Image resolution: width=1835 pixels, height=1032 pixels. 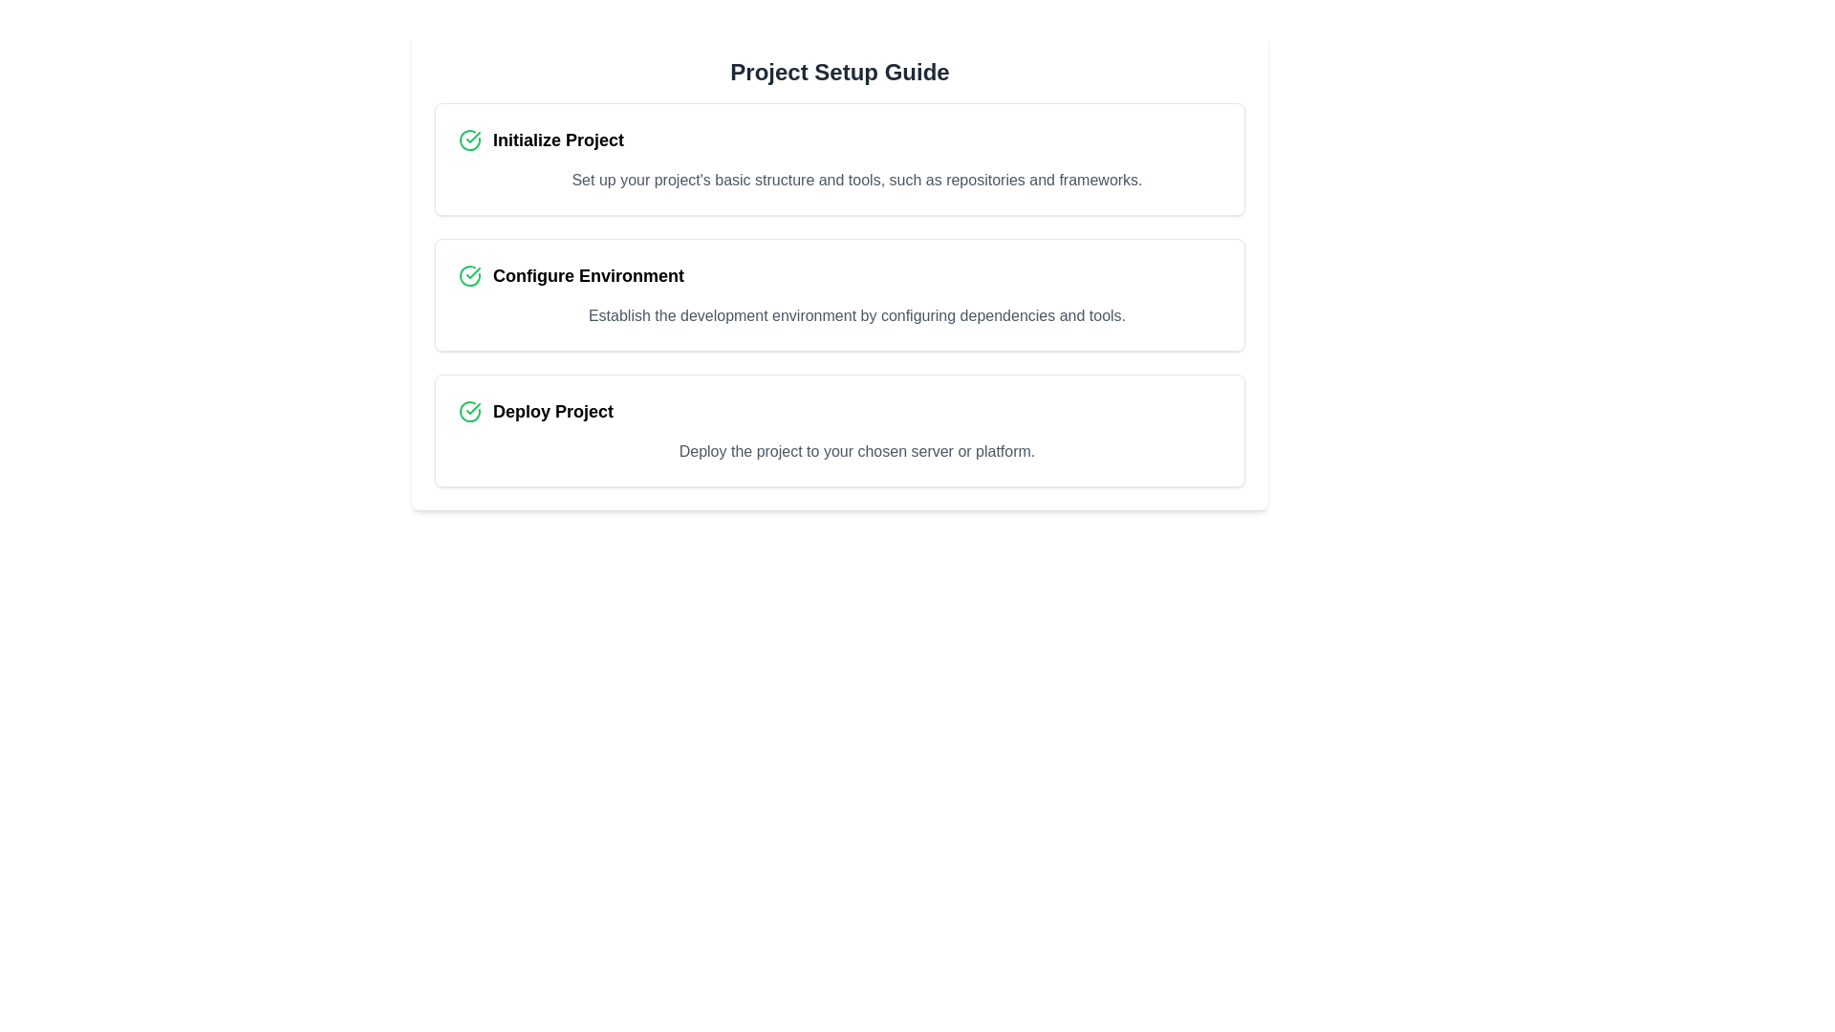 What do you see at coordinates (856, 315) in the screenshot?
I see `the non-interactive explanatory text element that provides supplementary information for the 'Configure Environment' step in the 'Project Setup Guide.'` at bounding box center [856, 315].